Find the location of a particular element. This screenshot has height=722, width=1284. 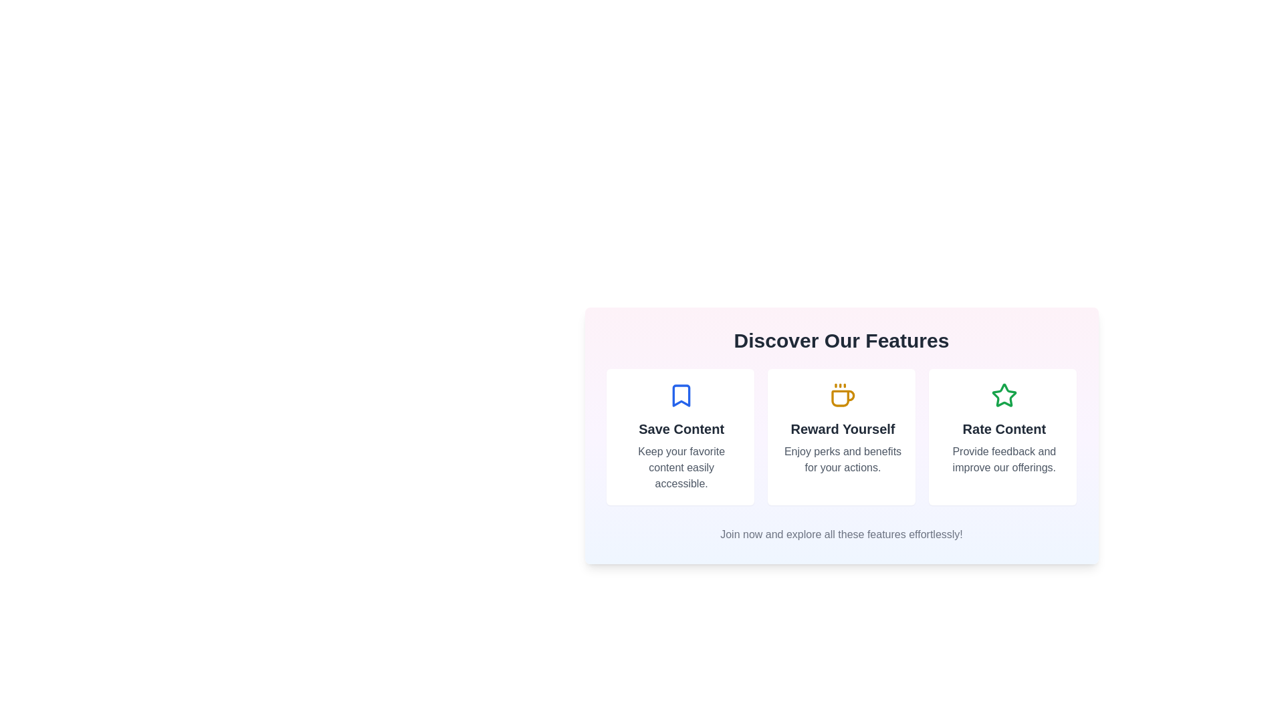

the Informational card section, which is the third option in a horizontally aligned list of features within a card layout is located at coordinates (1004, 429).